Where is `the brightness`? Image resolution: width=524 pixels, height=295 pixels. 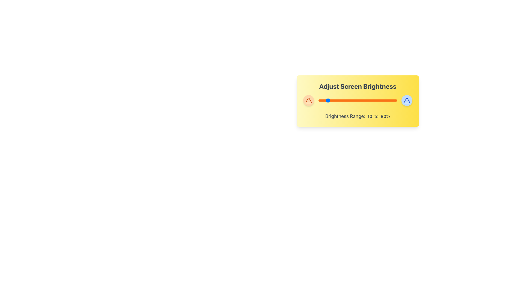
the brightness is located at coordinates (375, 100).